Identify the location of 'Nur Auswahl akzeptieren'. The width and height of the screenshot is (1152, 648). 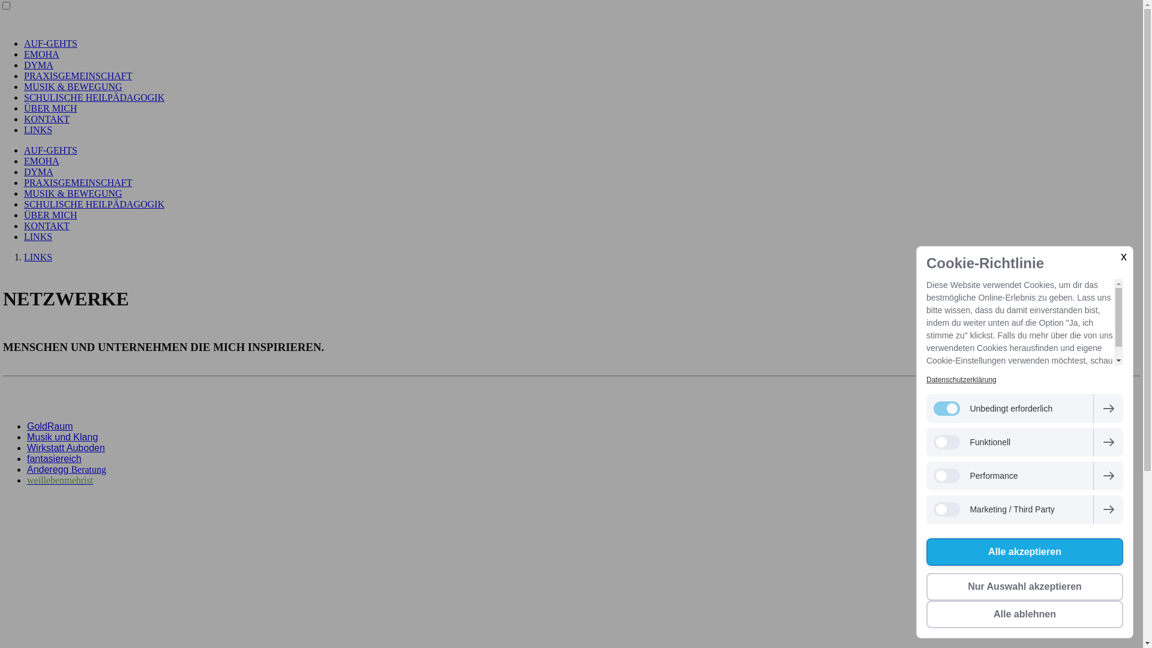
(1024, 586).